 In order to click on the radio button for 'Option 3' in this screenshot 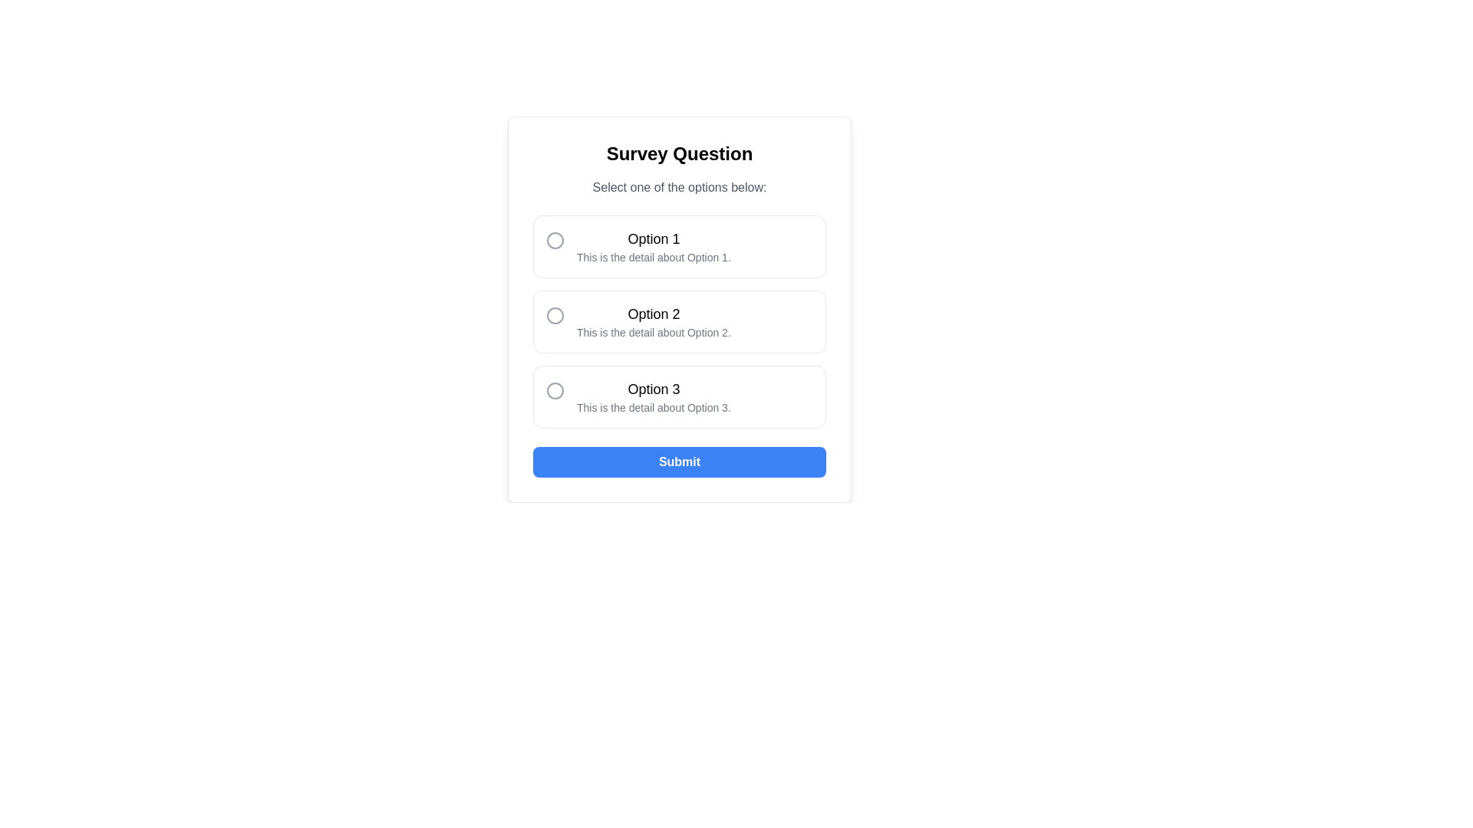, I will do `click(679, 396)`.